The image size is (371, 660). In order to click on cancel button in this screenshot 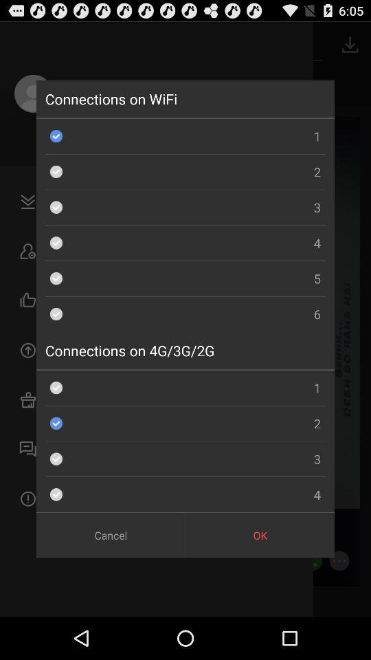, I will do `click(110, 534)`.